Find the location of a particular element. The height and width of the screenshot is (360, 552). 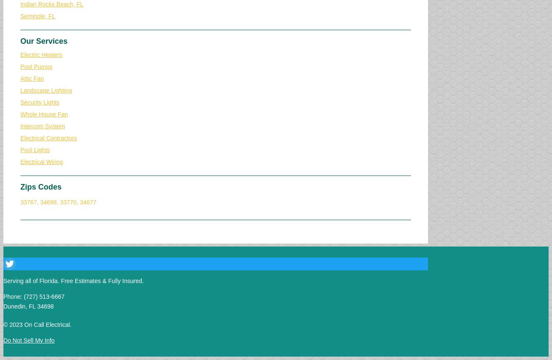

'Our Services' is located at coordinates (44, 40).